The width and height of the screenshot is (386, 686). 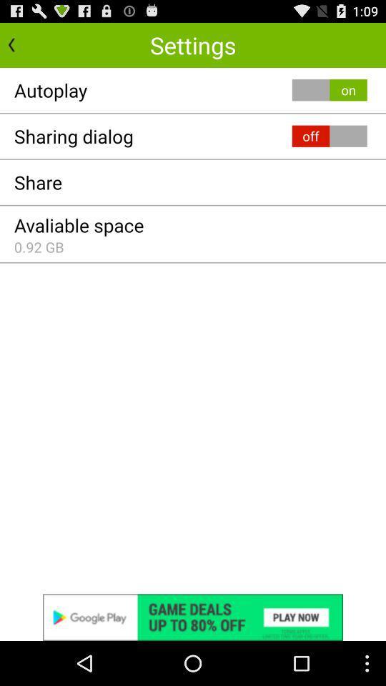 What do you see at coordinates (193, 617) in the screenshot?
I see `see advertisement` at bounding box center [193, 617].